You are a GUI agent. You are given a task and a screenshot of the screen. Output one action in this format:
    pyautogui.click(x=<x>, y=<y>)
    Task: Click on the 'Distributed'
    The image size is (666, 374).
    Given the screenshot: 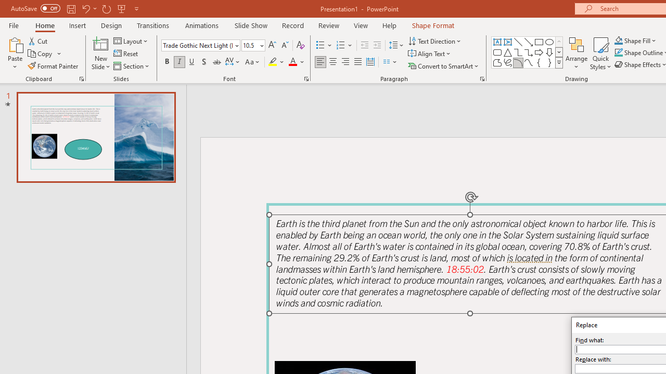 What is the action you would take?
    pyautogui.click(x=370, y=62)
    